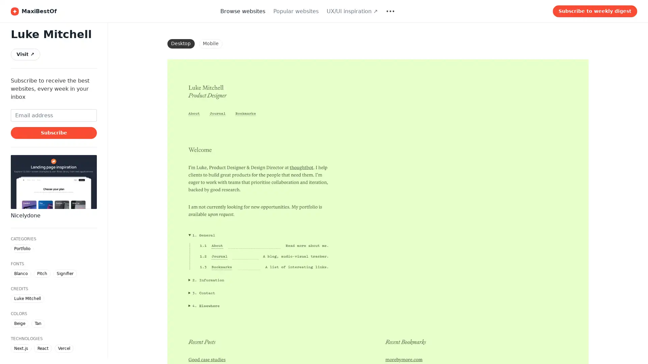 This screenshot has height=364, width=648. I want to click on Subscribe, so click(53, 132).